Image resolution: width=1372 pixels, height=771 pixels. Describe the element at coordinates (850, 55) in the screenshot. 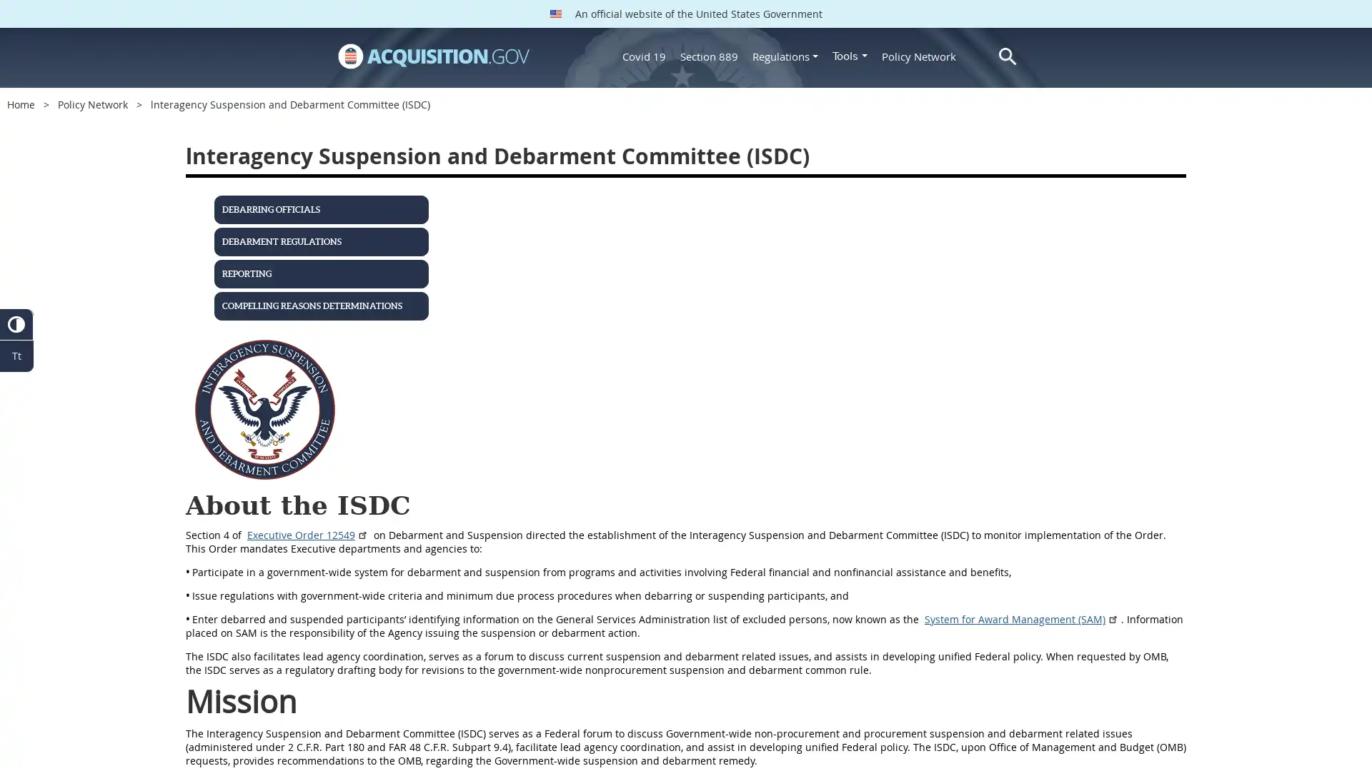

I see `Tools main` at that location.